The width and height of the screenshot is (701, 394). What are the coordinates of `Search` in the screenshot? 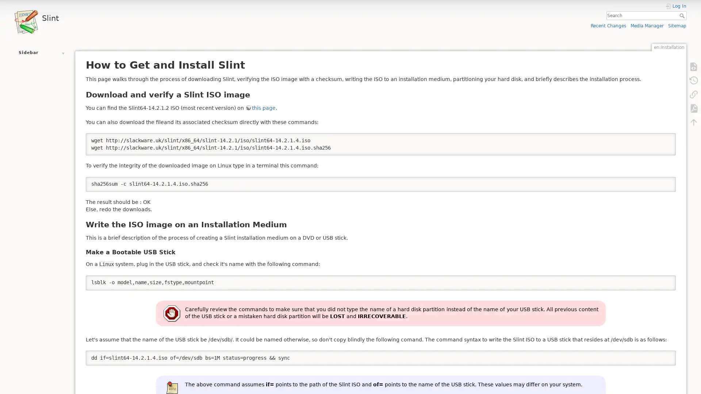 It's located at (682, 15).